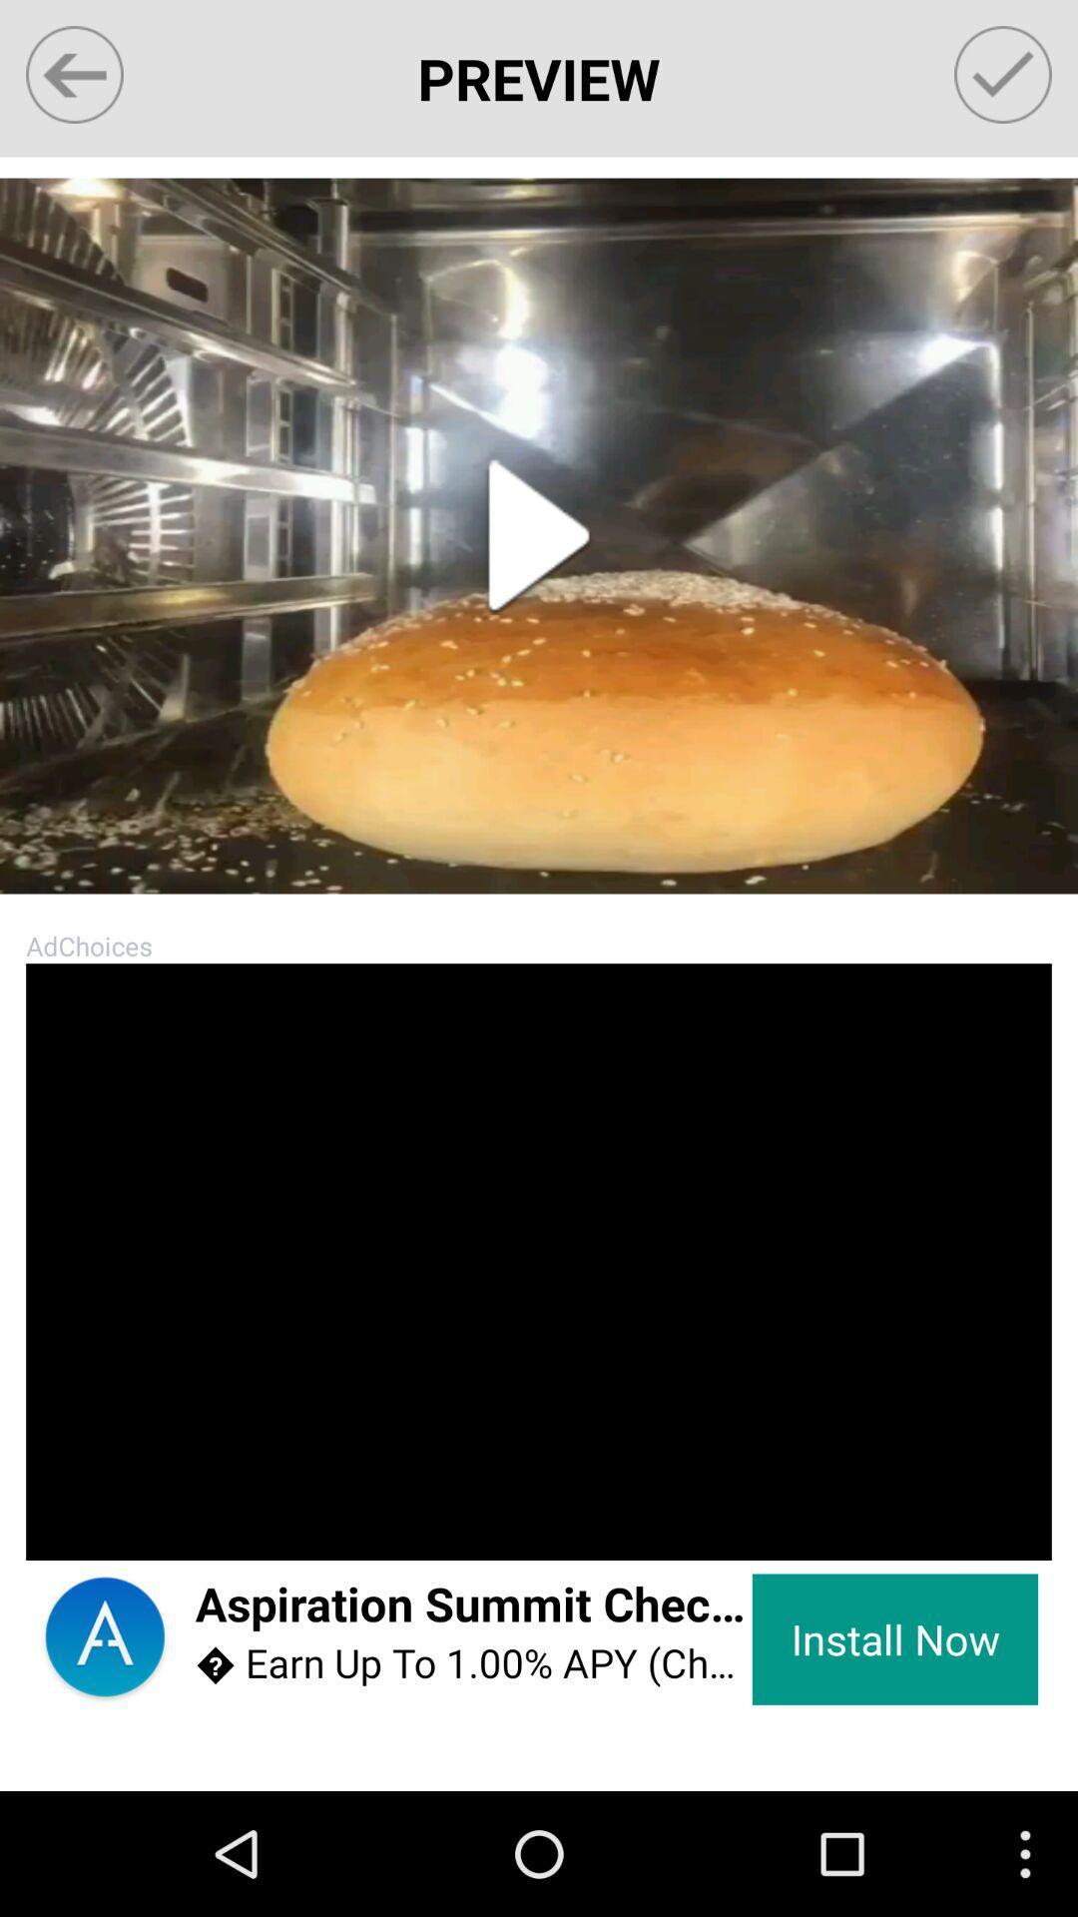 The width and height of the screenshot is (1078, 1917). Describe the element at coordinates (105, 1639) in the screenshot. I see `app next to aspiration summit checking item` at that location.